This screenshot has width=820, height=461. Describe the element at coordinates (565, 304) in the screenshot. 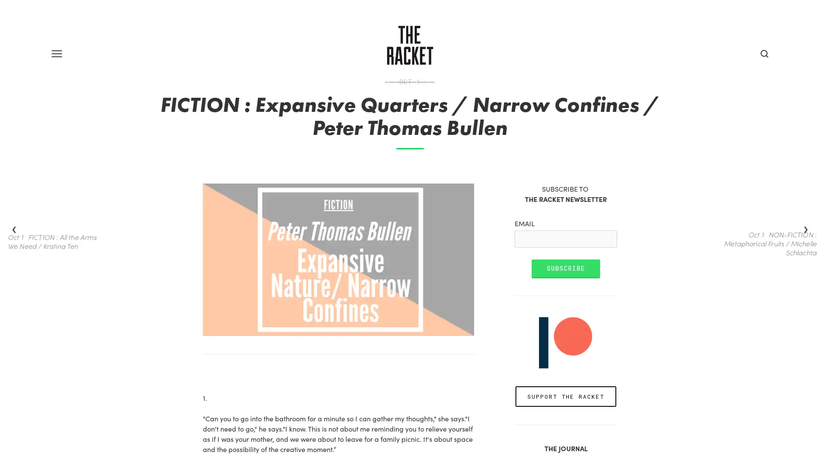

I see `SUBSCRIBE` at that location.